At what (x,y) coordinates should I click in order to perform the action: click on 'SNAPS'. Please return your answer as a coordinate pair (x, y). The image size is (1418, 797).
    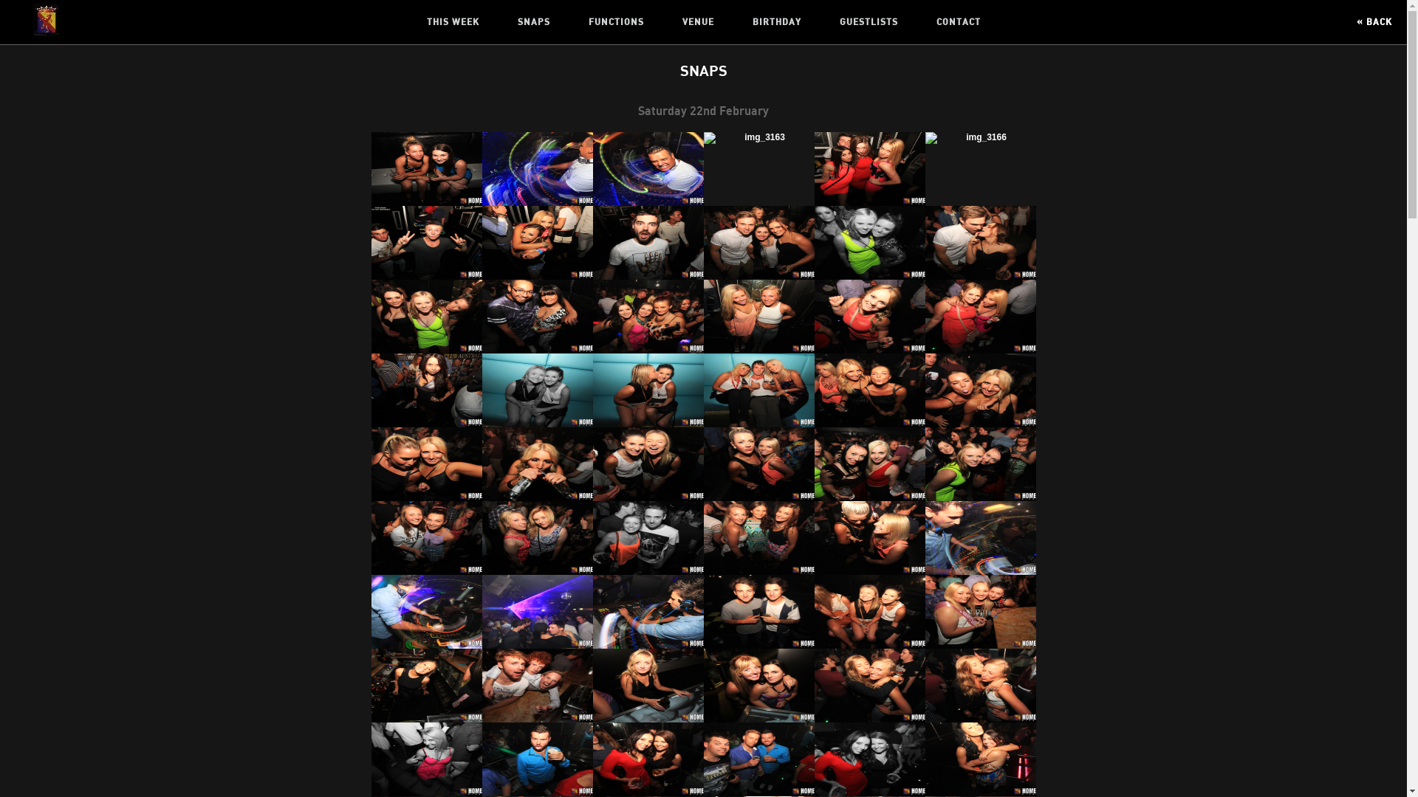
    Looking at the image, I should click on (532, 22).